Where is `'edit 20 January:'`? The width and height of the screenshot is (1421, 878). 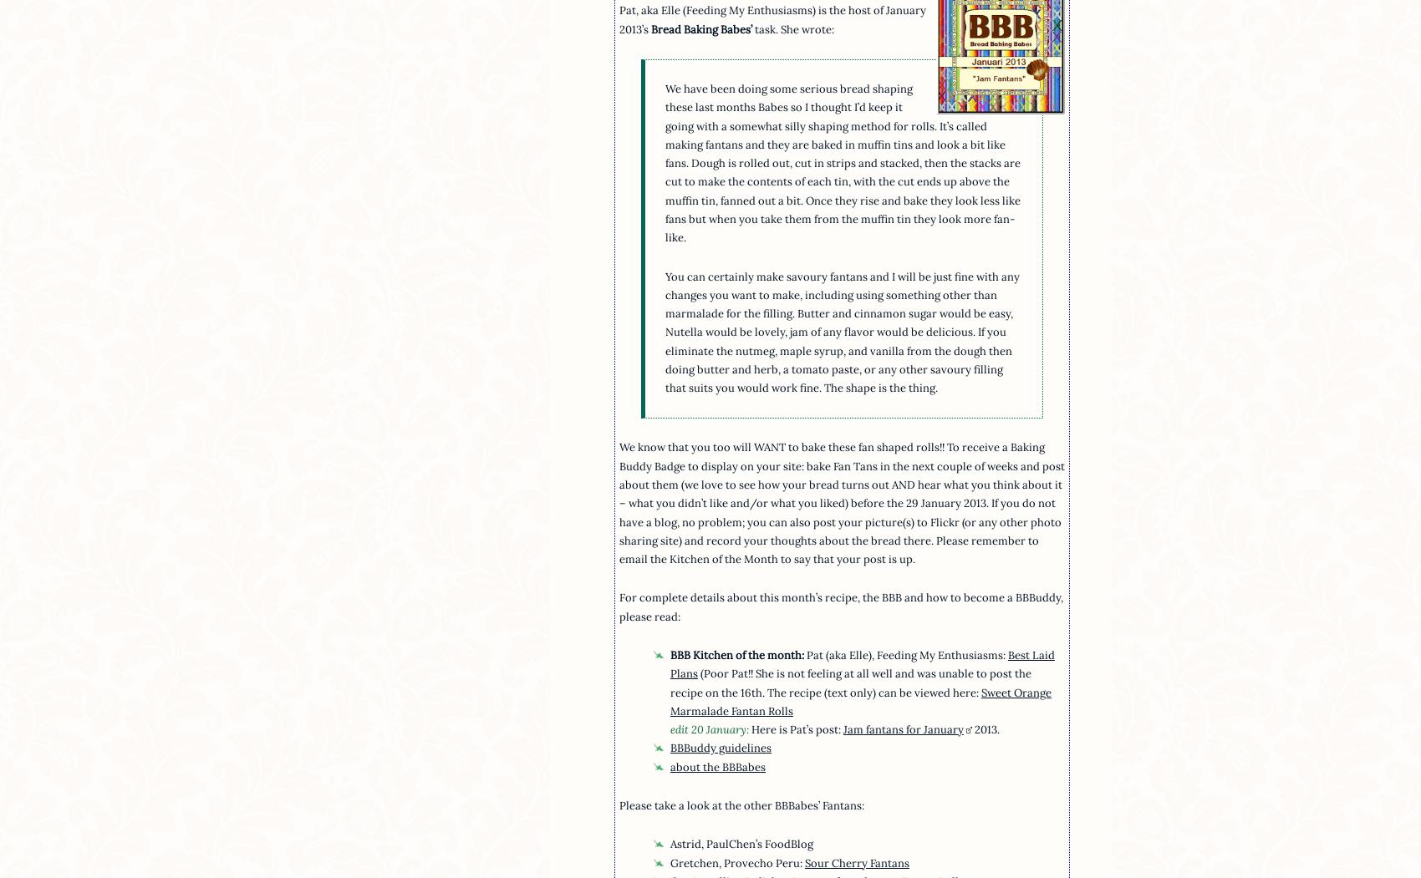
'edit 20 January:' is located at coordinates (669, 728).